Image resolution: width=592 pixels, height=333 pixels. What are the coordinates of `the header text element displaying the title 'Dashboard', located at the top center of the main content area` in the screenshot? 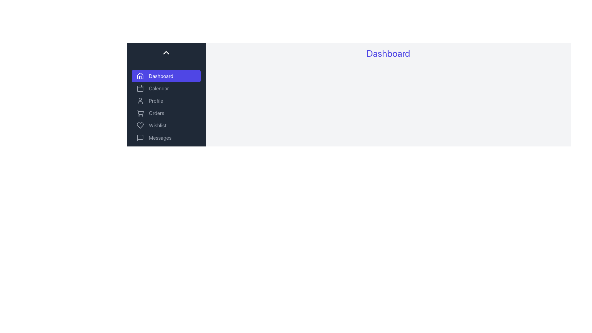 It's located at (388, 53).